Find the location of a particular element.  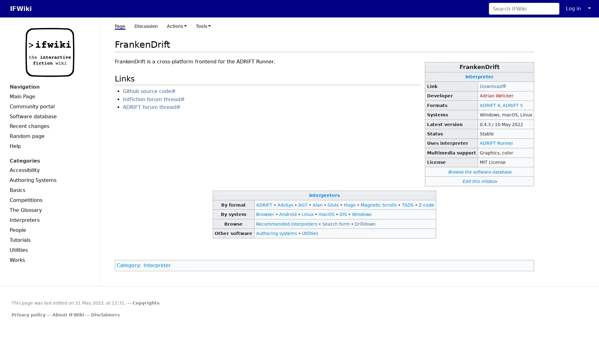

Log in is located at coordinates (573, 8).